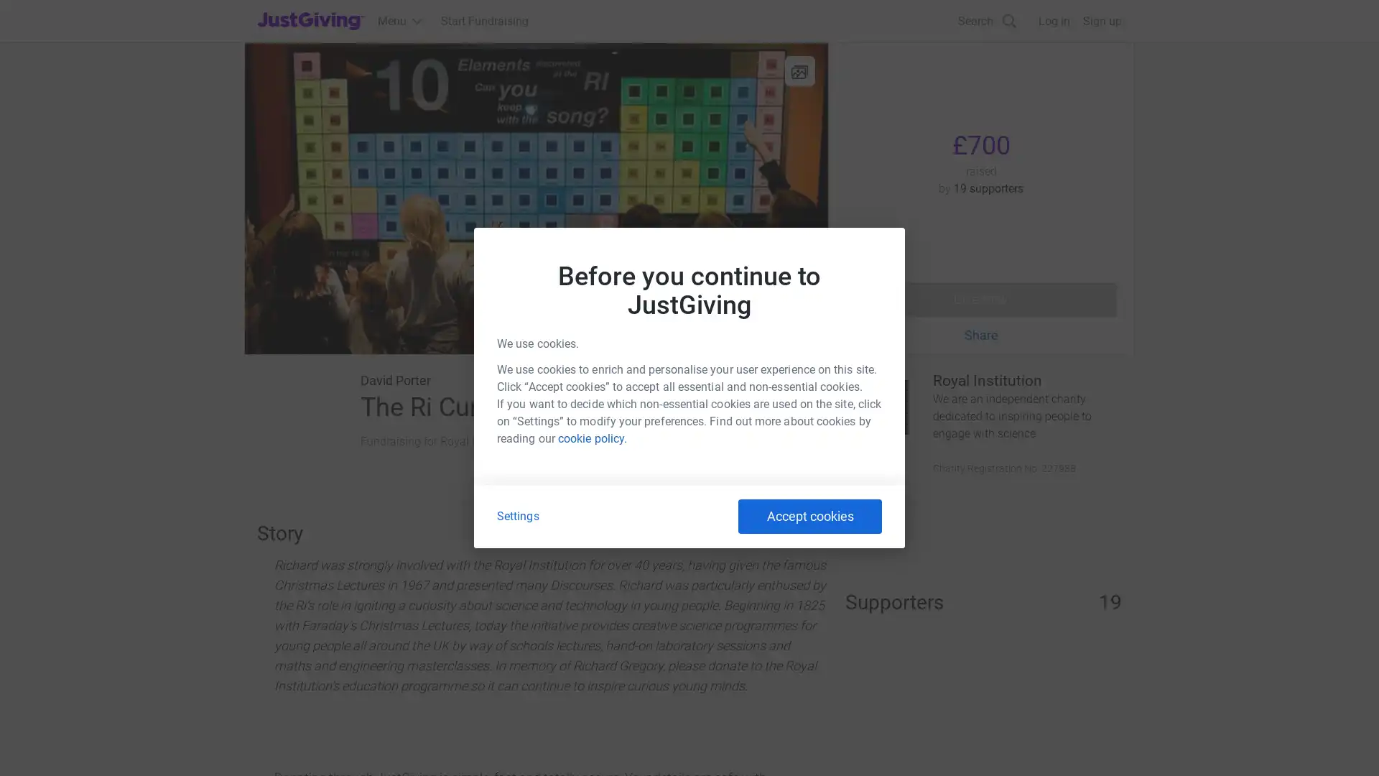 This screenshot has width=1379, height=776. What do you see at coordinates (810, 515) in the screenshot?
I see `Accept cookies` at bounding box center [810, 515].